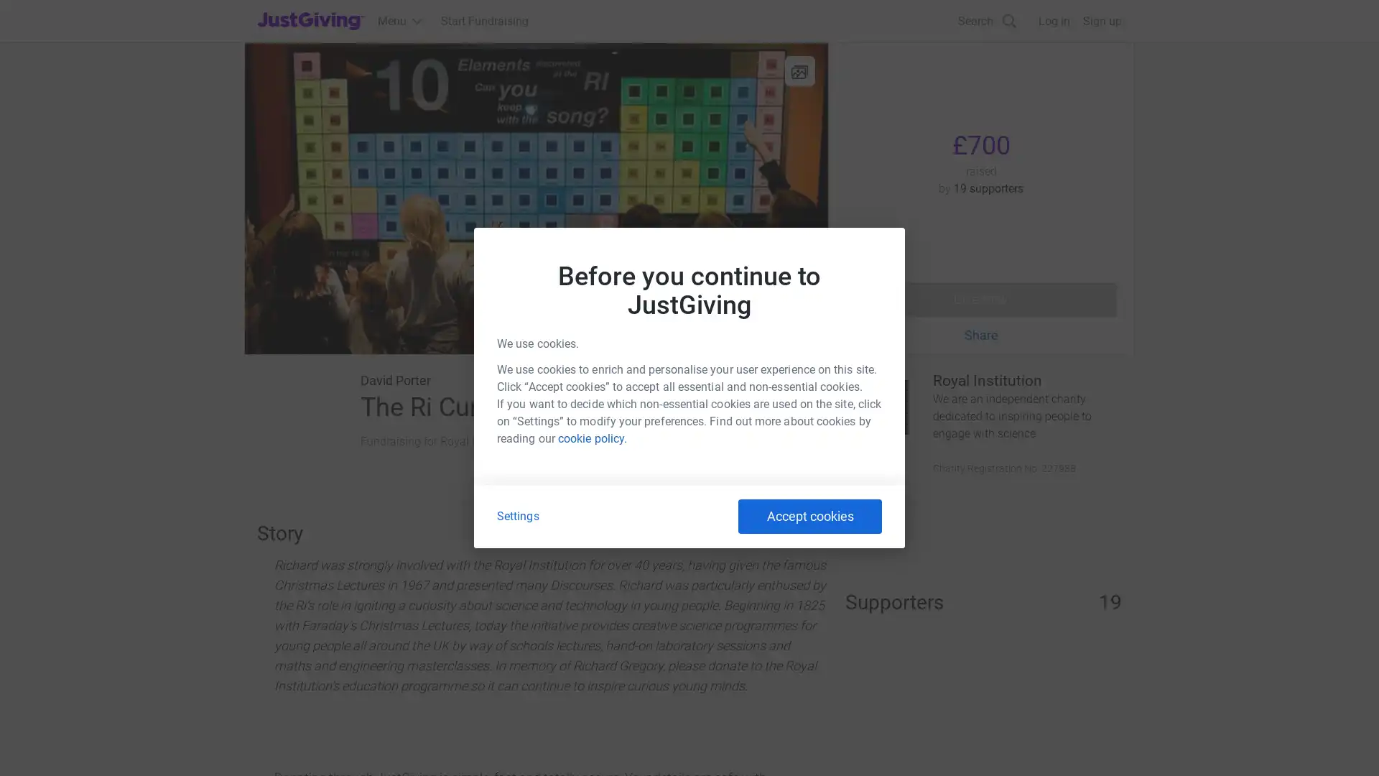 This screenshot has width=1379, height=776. What do you see at coordinates (810, 515) in the screenshot?
I see `Accept cookies` at bounding box center [810, 515].